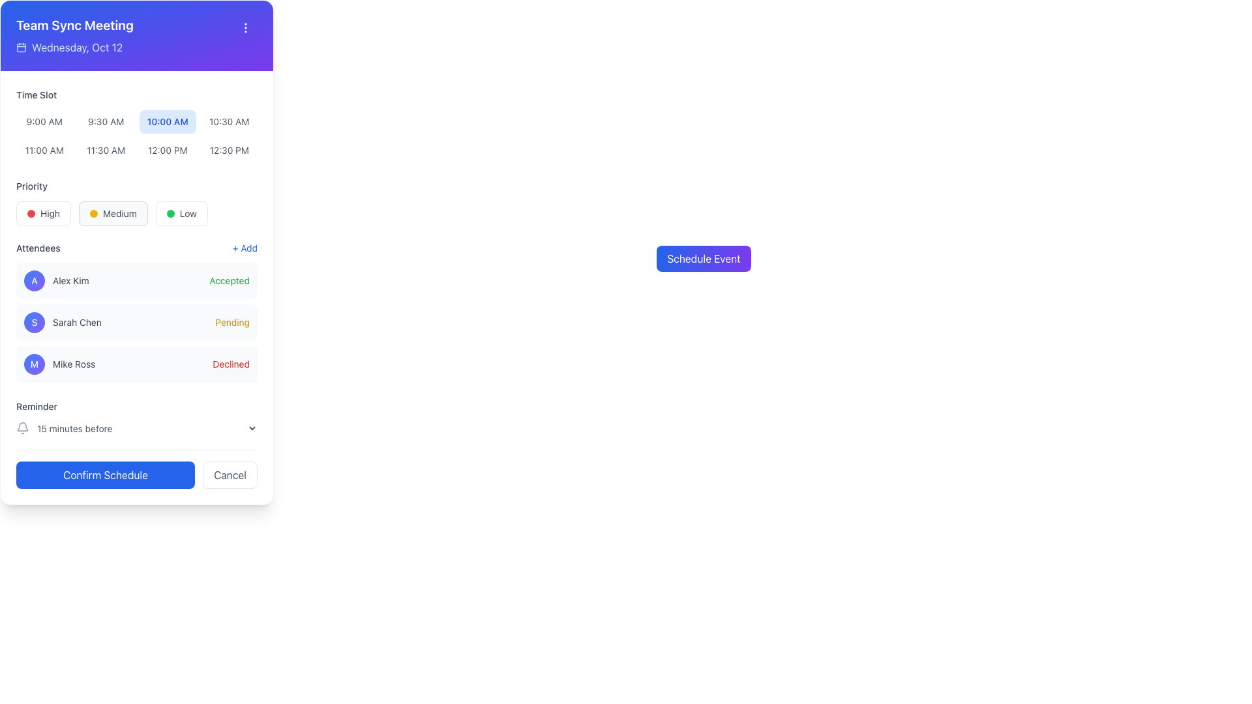 This screenshot has height=704, width=1252. What do you see at coordinates (703, 259) in the screenshot?
I see `the central button designed` at bounding box center [703, 259].